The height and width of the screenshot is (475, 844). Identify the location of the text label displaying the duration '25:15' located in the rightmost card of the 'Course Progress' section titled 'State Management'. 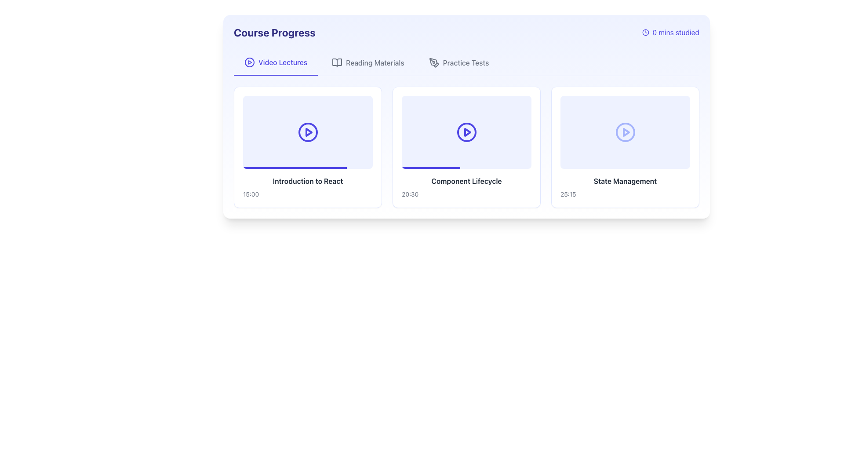
(568, 194).